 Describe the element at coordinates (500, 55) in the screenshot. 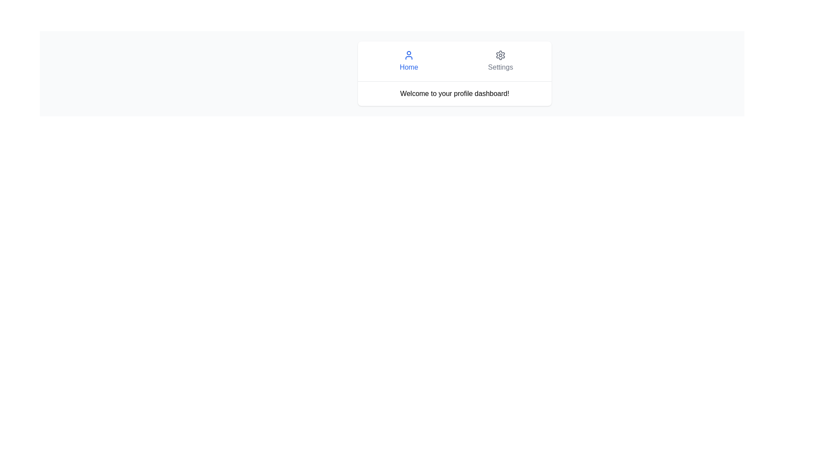

I see `the 'Settings' icon in the navigation bar` at that location.